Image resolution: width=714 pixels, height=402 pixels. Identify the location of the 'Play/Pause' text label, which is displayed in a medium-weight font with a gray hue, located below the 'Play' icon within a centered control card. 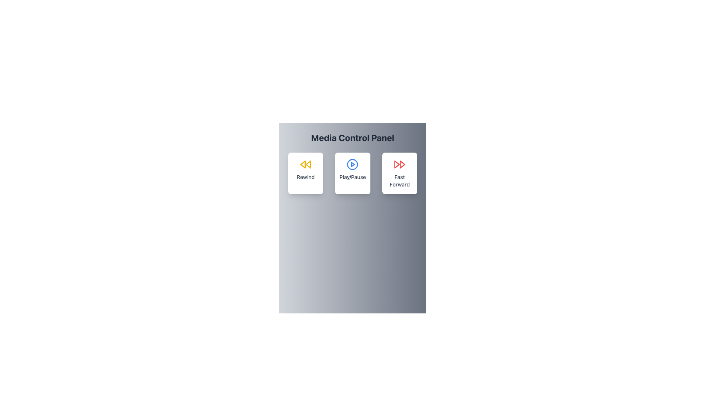
(352, 177).